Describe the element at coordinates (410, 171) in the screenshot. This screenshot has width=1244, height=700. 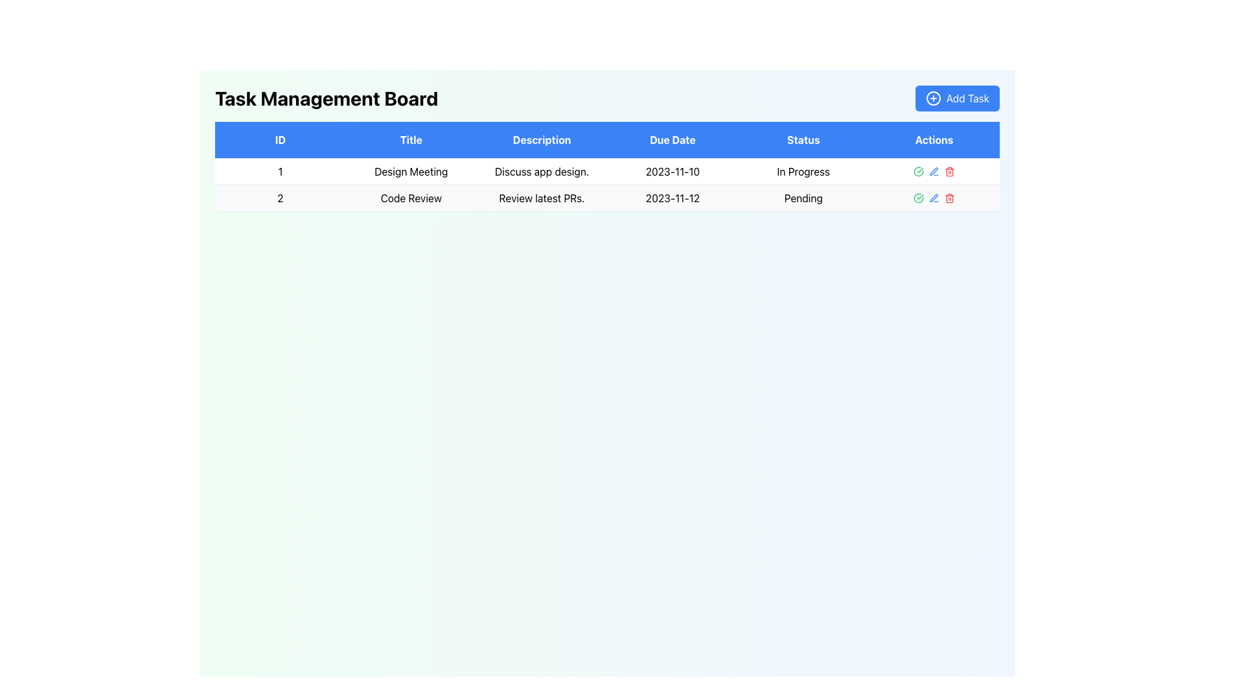
I see `the 'Design Meeting' text label, which is bold and centered in a white cell of the table under the 'Title' heading` at that location.